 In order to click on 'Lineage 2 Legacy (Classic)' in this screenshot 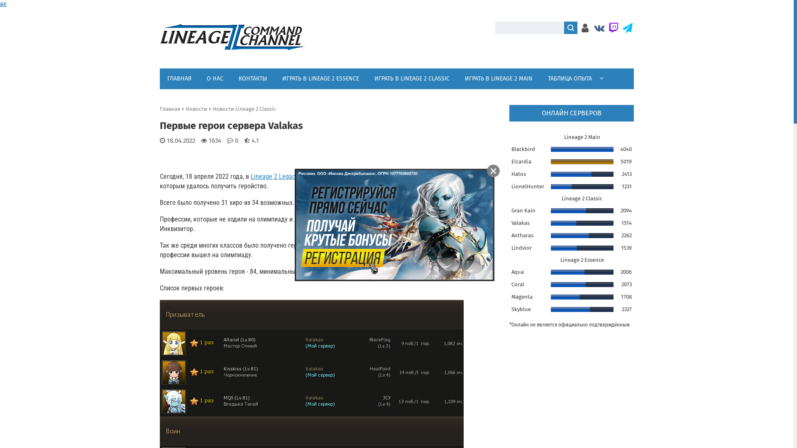, I will do `click(287, 179)`.